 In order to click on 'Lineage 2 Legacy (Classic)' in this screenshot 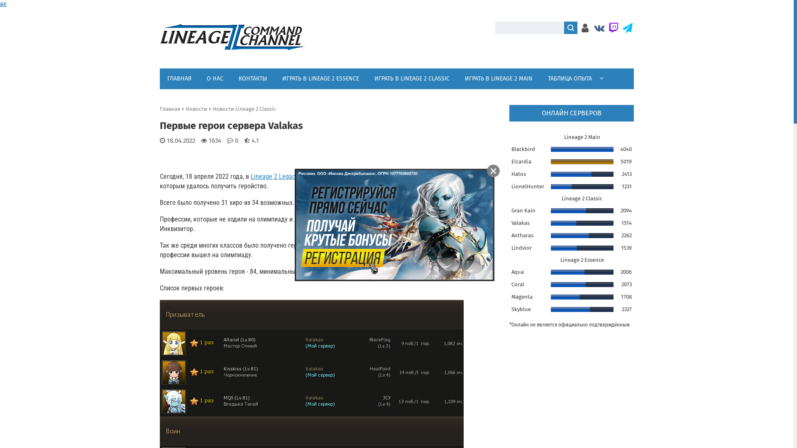, I will do `click(287, 179)`.